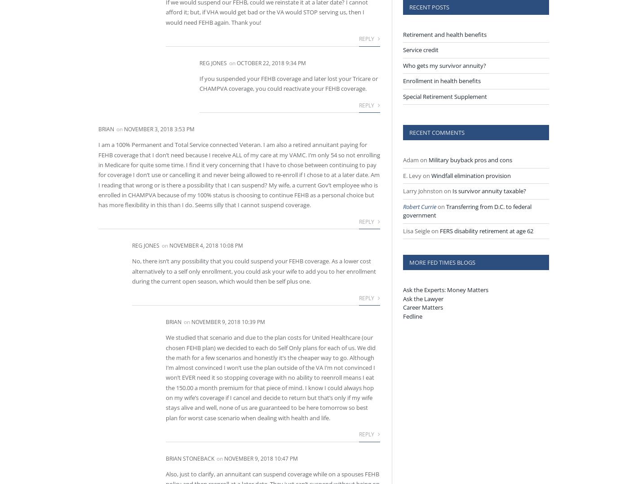 This screenshot has width=625, height=484. What do you see at coordinates (408, 262) in the screenshot?
I see `'More Fed Times Blogs'` at bounding box center [408, 262].